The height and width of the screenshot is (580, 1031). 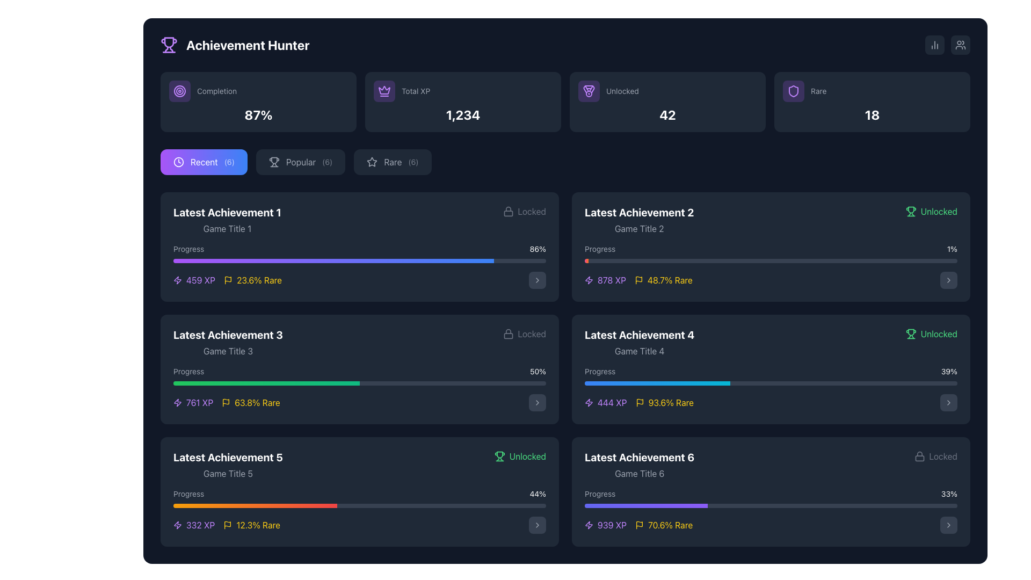 What do you see at coordinates (520, 456) in the screenshot?
I see `the 'Unlocked' trophy icon and label combination located in the 'Latest Achievement 5' section, which is styled in green color and aligned centrally` at bounding box center [520, 456].